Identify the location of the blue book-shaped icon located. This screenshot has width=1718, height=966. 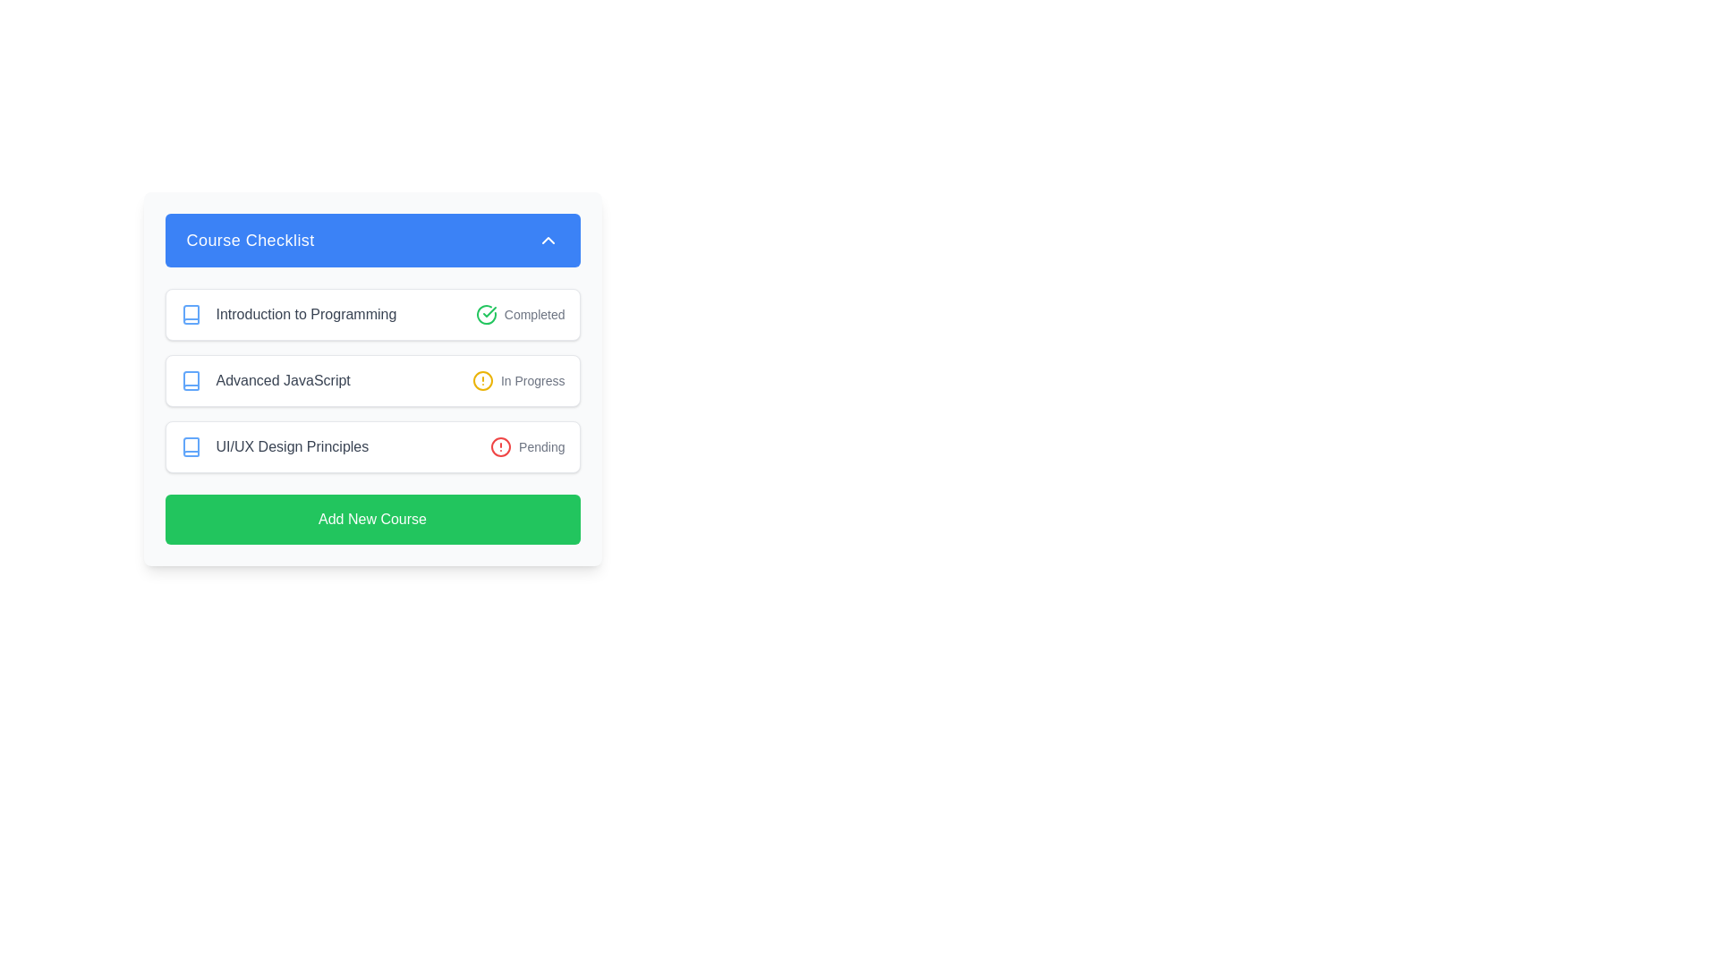
(191, 446).